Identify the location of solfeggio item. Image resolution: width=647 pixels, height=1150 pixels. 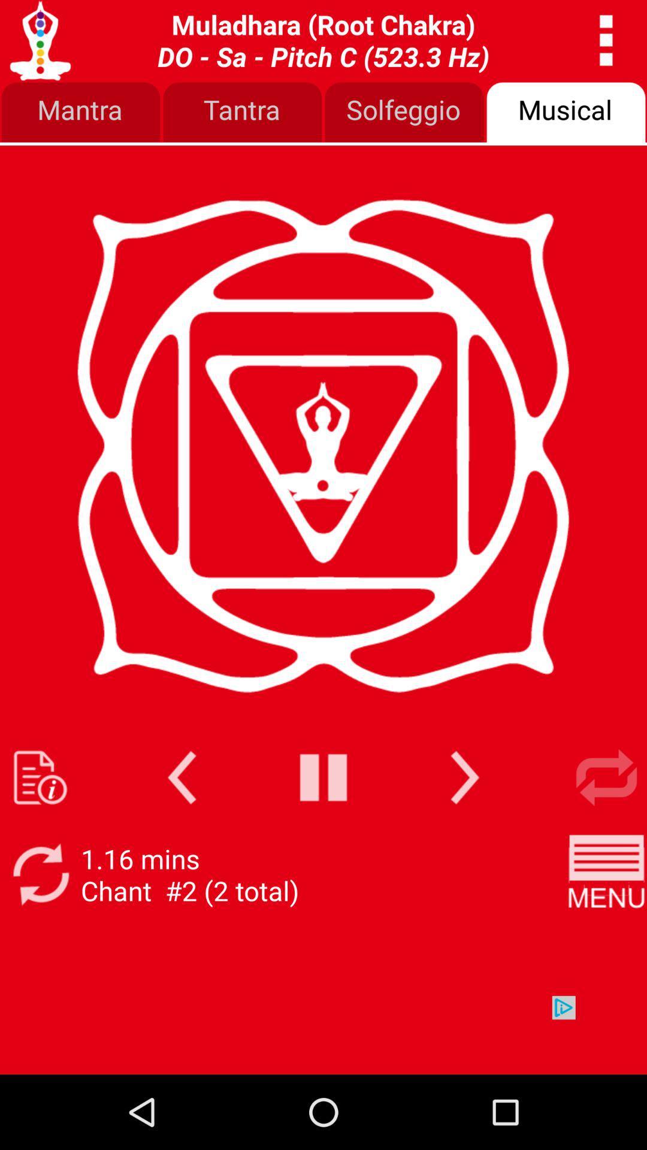
(404, 113).